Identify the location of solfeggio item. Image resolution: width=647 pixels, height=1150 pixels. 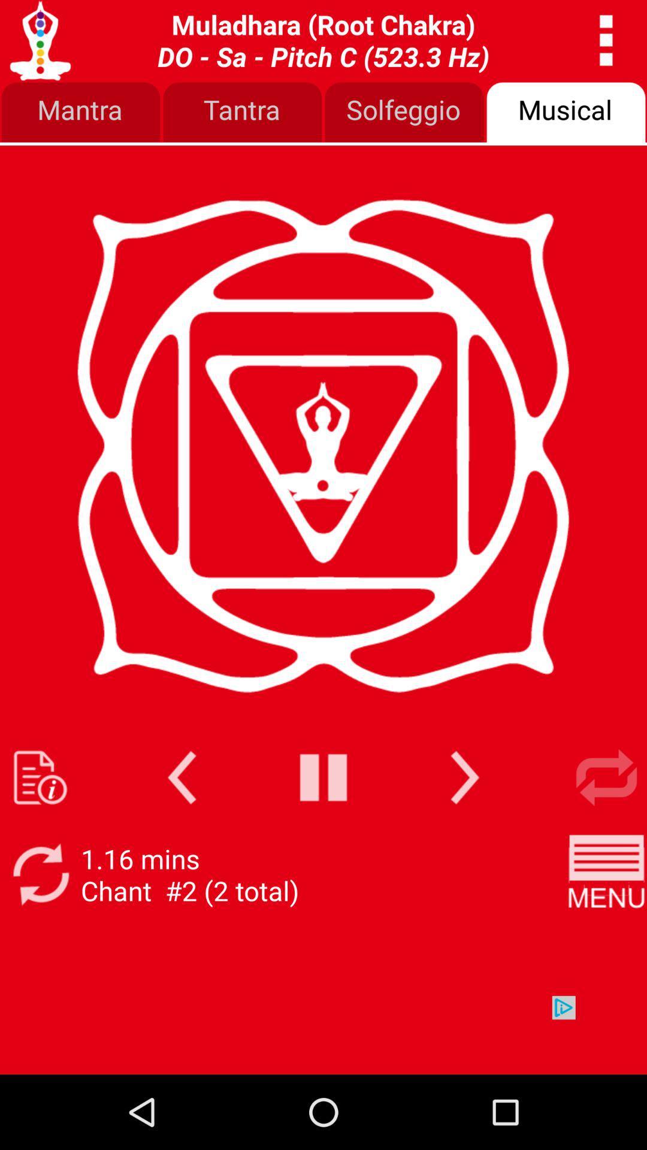
(404, 113).